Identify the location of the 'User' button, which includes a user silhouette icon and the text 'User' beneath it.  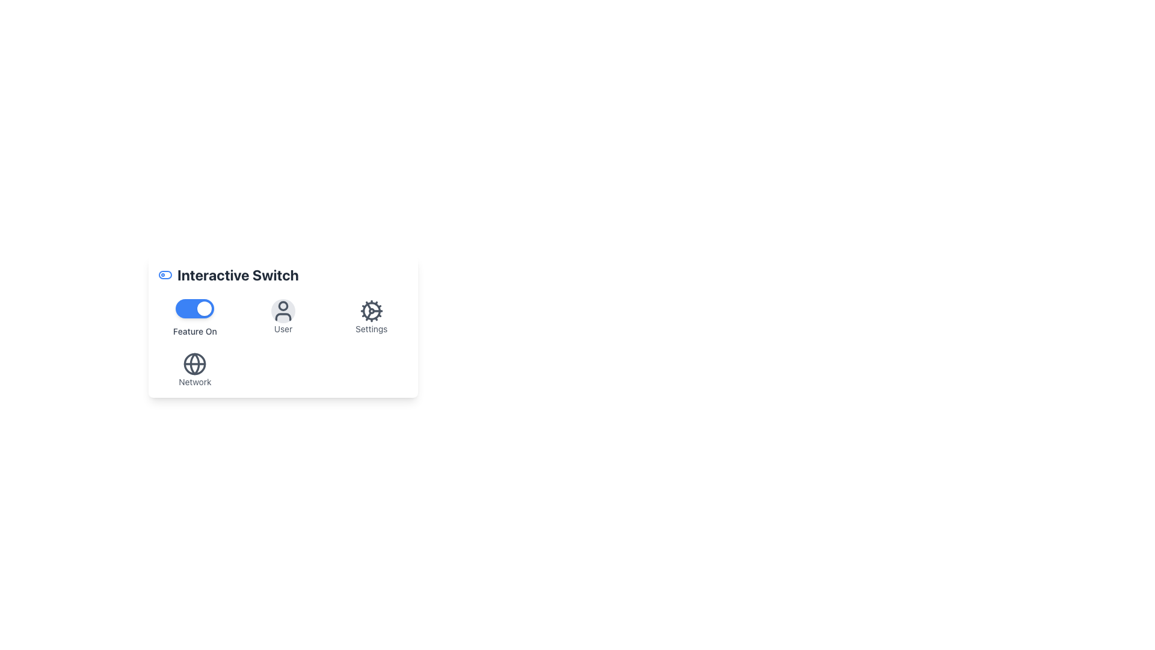
(282, 317).